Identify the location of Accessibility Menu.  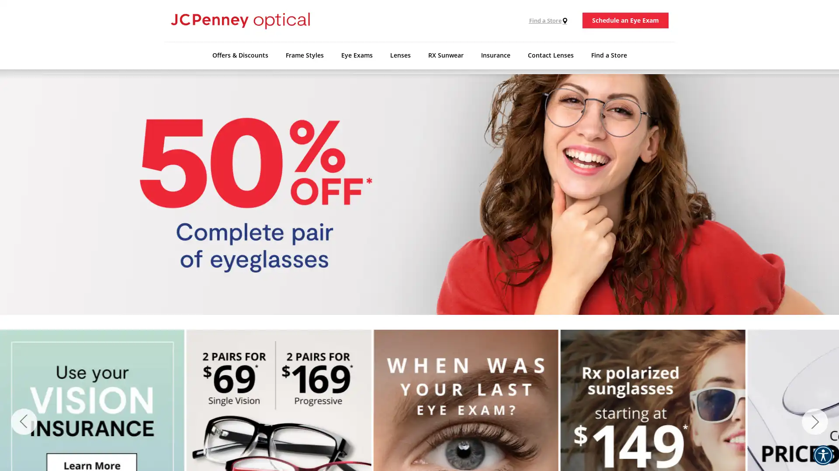
(822, 455).